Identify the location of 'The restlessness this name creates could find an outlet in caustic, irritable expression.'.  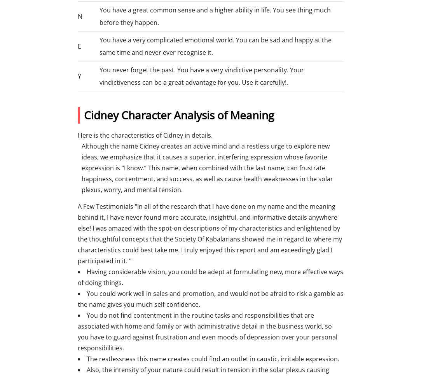
(213, 359).